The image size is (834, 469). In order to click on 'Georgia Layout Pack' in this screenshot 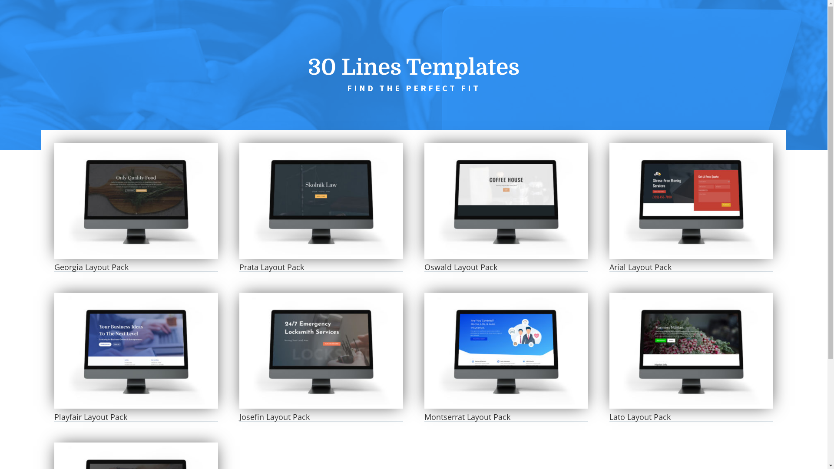, I will do `click(135, 201)`.